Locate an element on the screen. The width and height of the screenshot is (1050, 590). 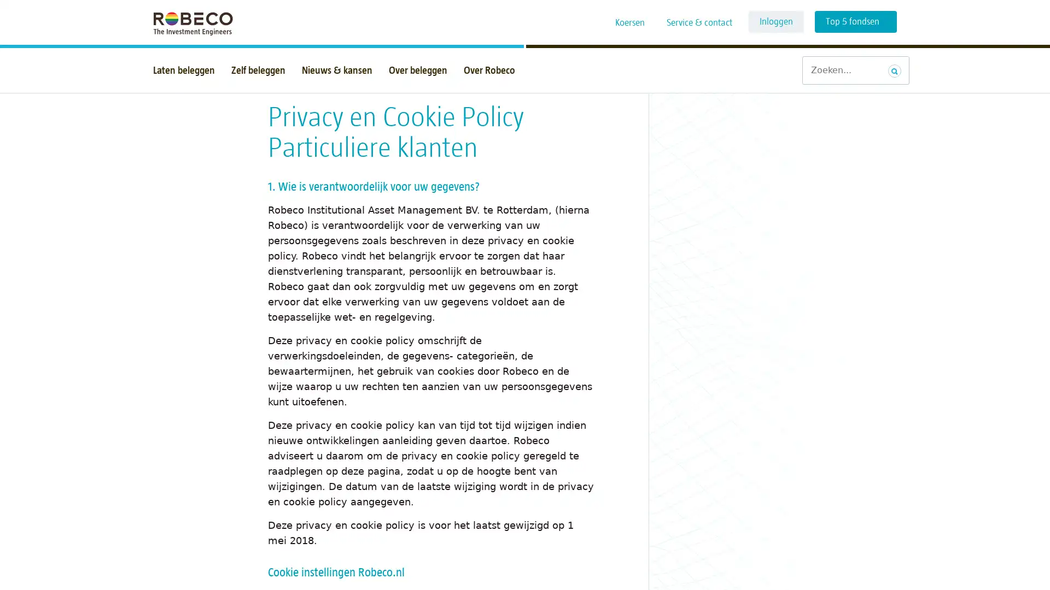
Service & contact is located at coordinates (698, 23).